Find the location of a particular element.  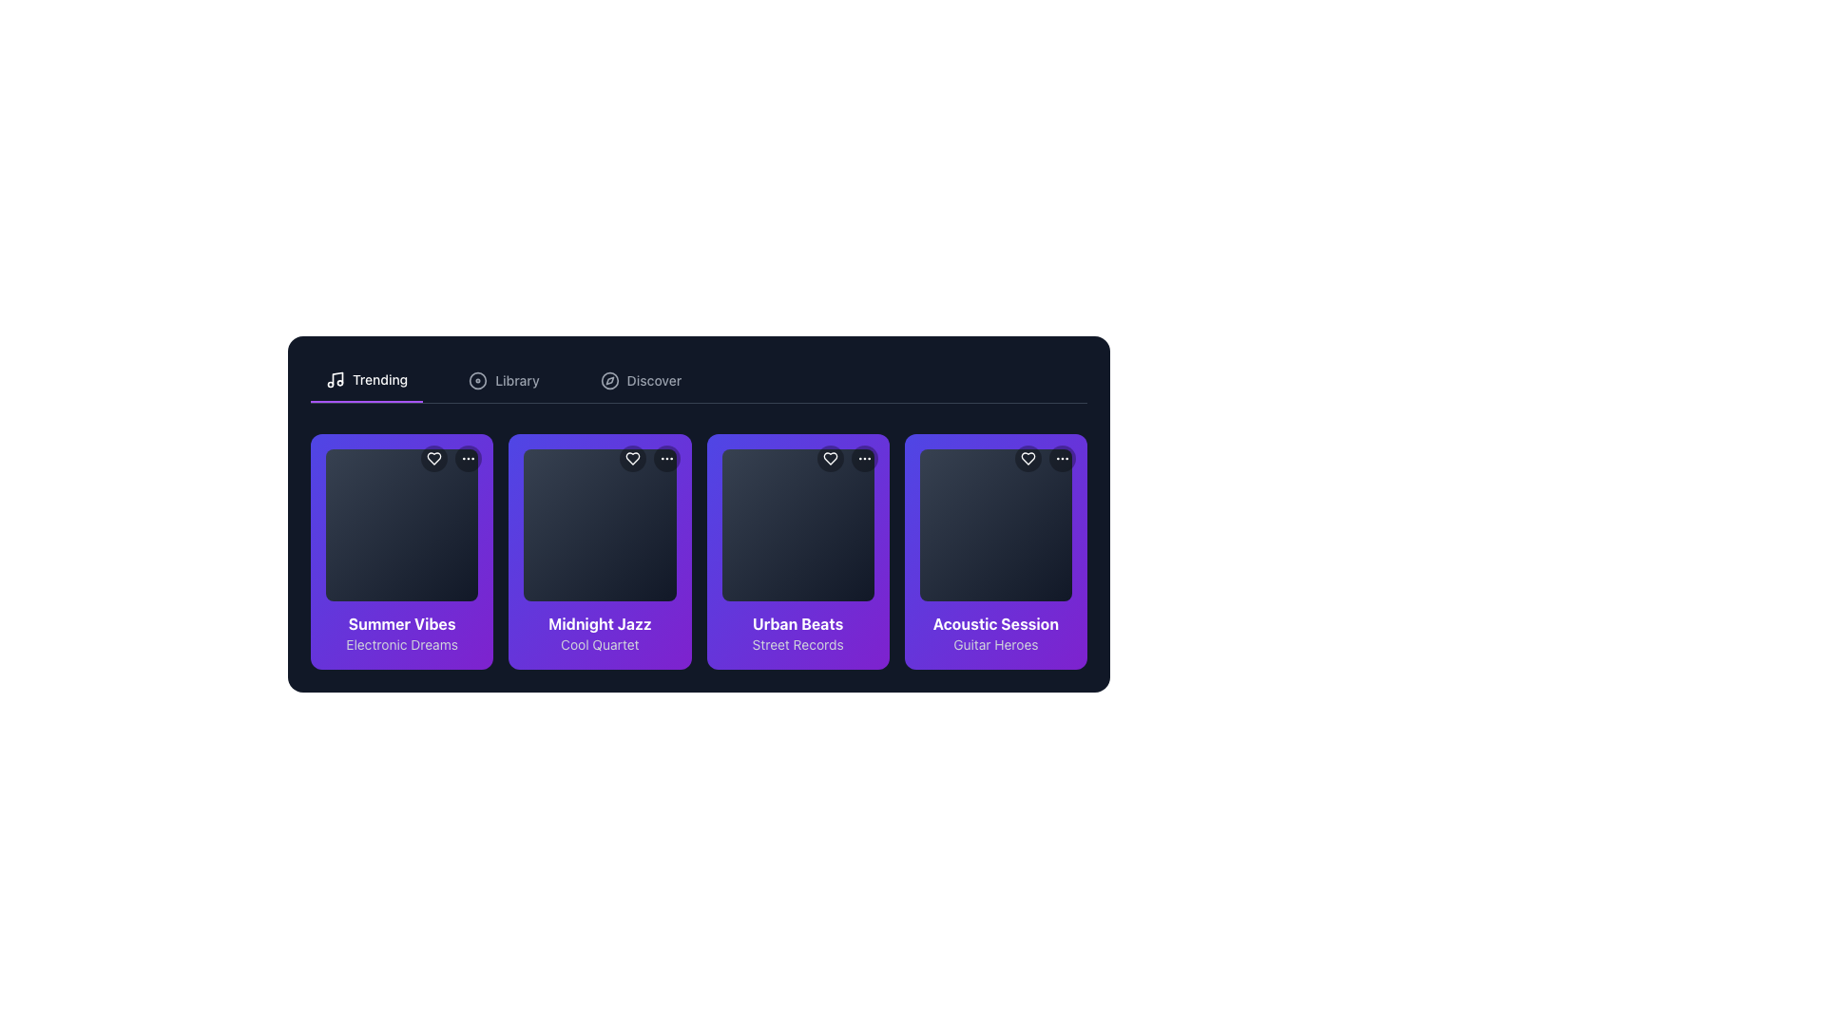

the Text label located below the main title in the 'Acoustic Session' section, which likely contains the author's name or category details is located at coordinates (994, 644).